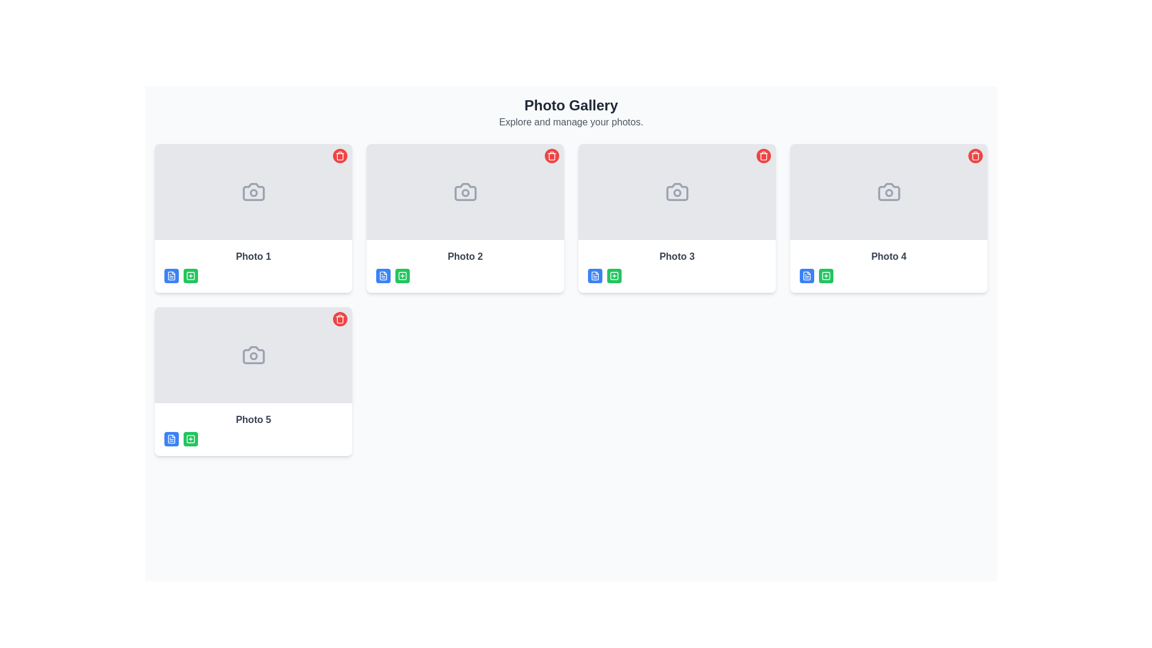 The width and height of the screenshot is (1152, 648). What do you see at coordinates (190, 275) in the screenshot?
I see `the green square button with a plus symbol located below the thumbnail image labeled 'Photo 1'` at bounding box center [190, 275].